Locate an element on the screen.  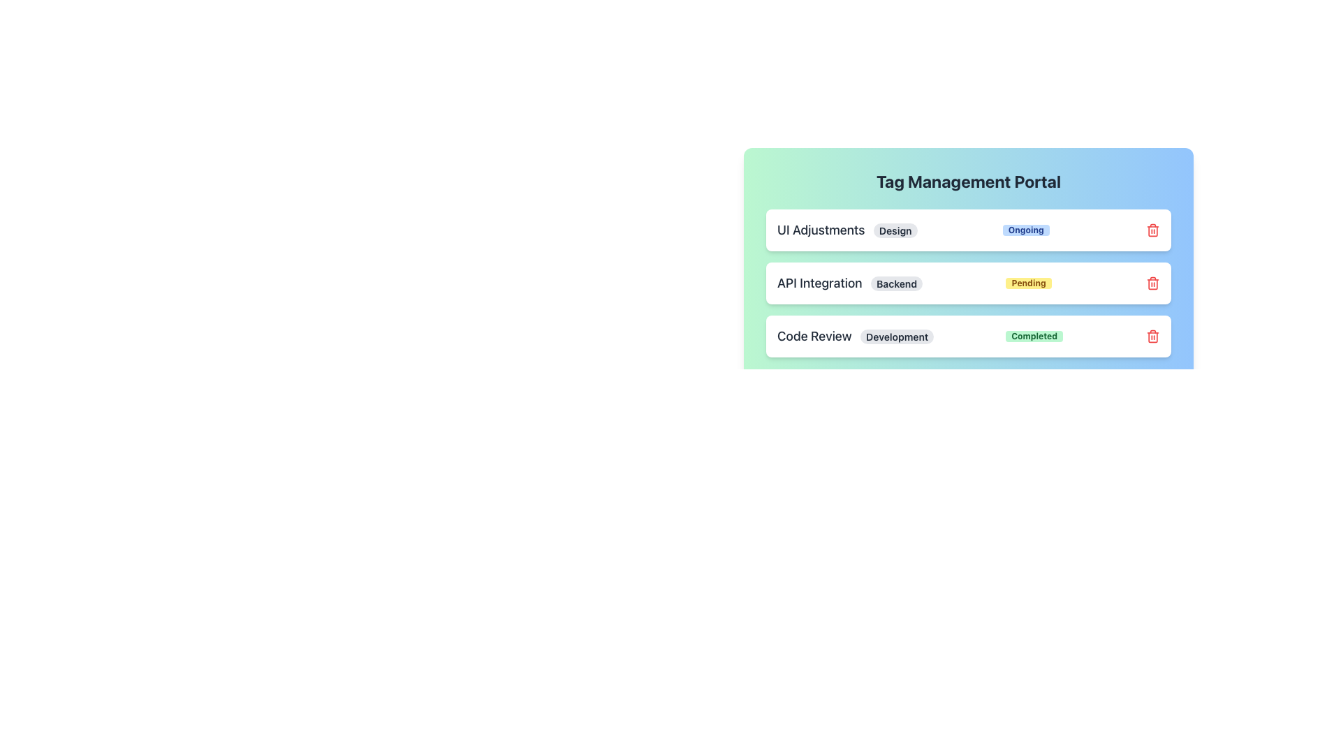
the status label indicating the ongoing status of the 'UI Adjustments' task, which is positioned to the right of the 'Design' label is located at coordinates (1026, 230).